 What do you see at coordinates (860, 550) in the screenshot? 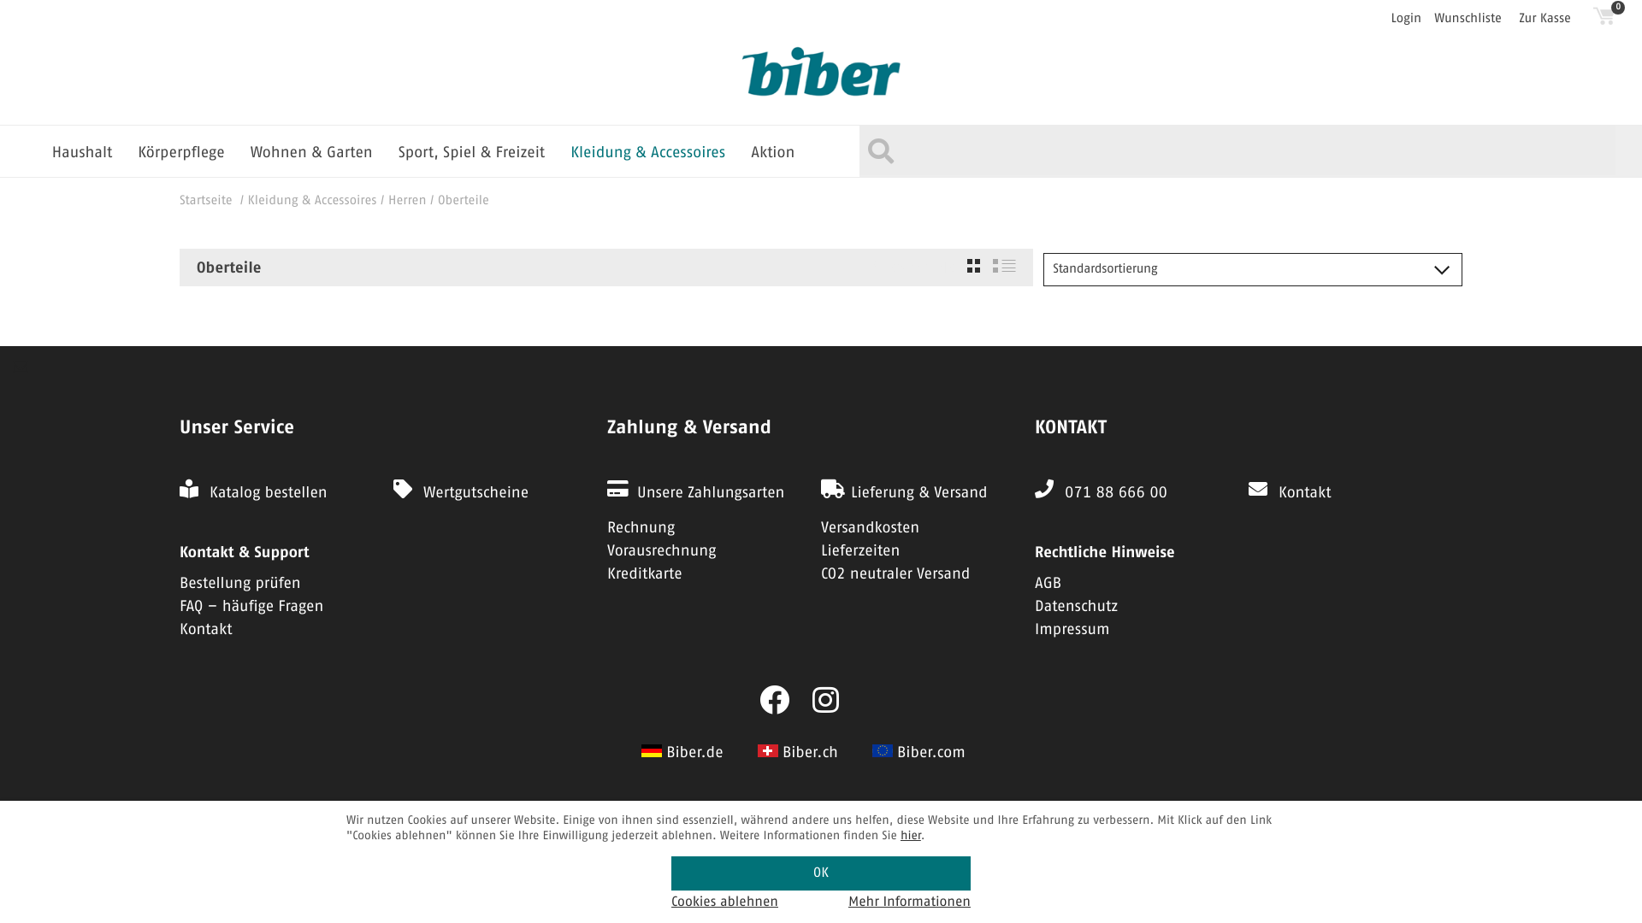
I see `'Lieferzeiten'` at bounding box center [860, 550].